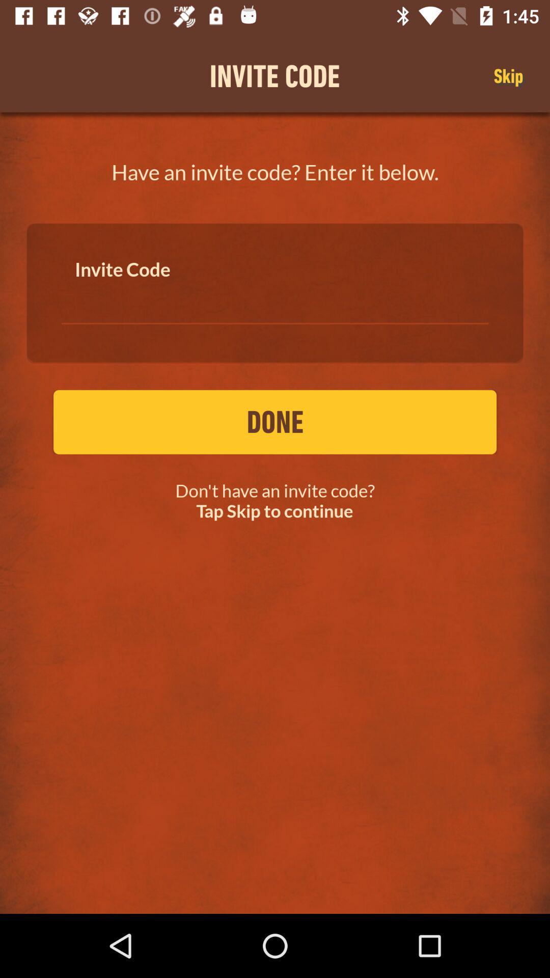 This screenshot has width=550, height=978. What do you see at coordinates (275, 300) in the screenshot?
I see `invite code` at bounding box center [275, 300].